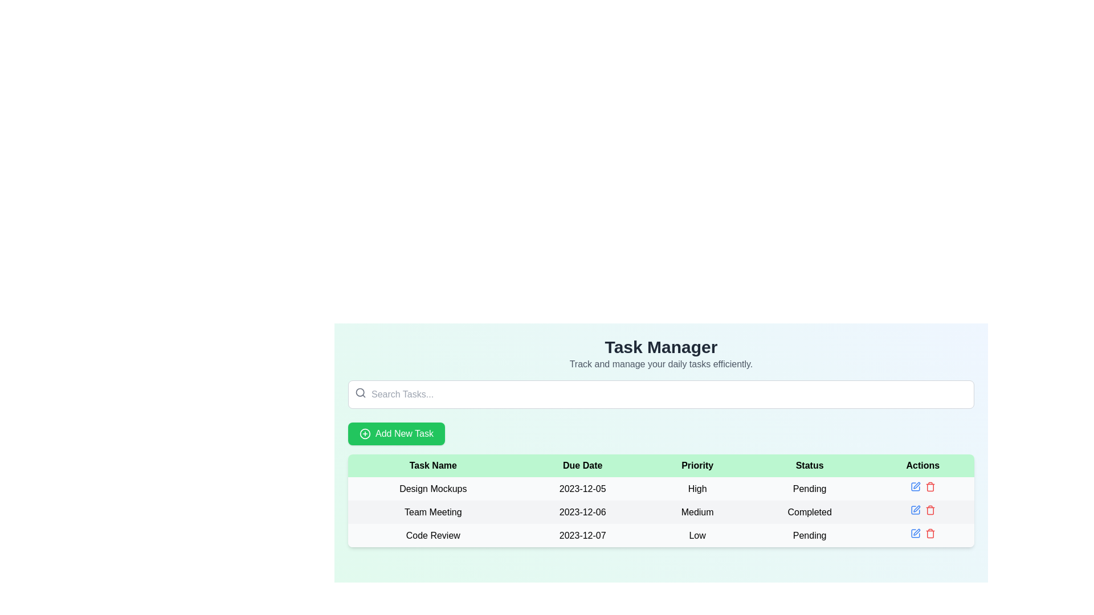 The image size is (1094, 615). Describe the element at coordinates (661, 364) in the screenshot. I see `the text element styled in a small gray-colored font that reads 'Track and manage your daily tasks efficiently', located immediately beneath the 'Task Manager' title` at that location.